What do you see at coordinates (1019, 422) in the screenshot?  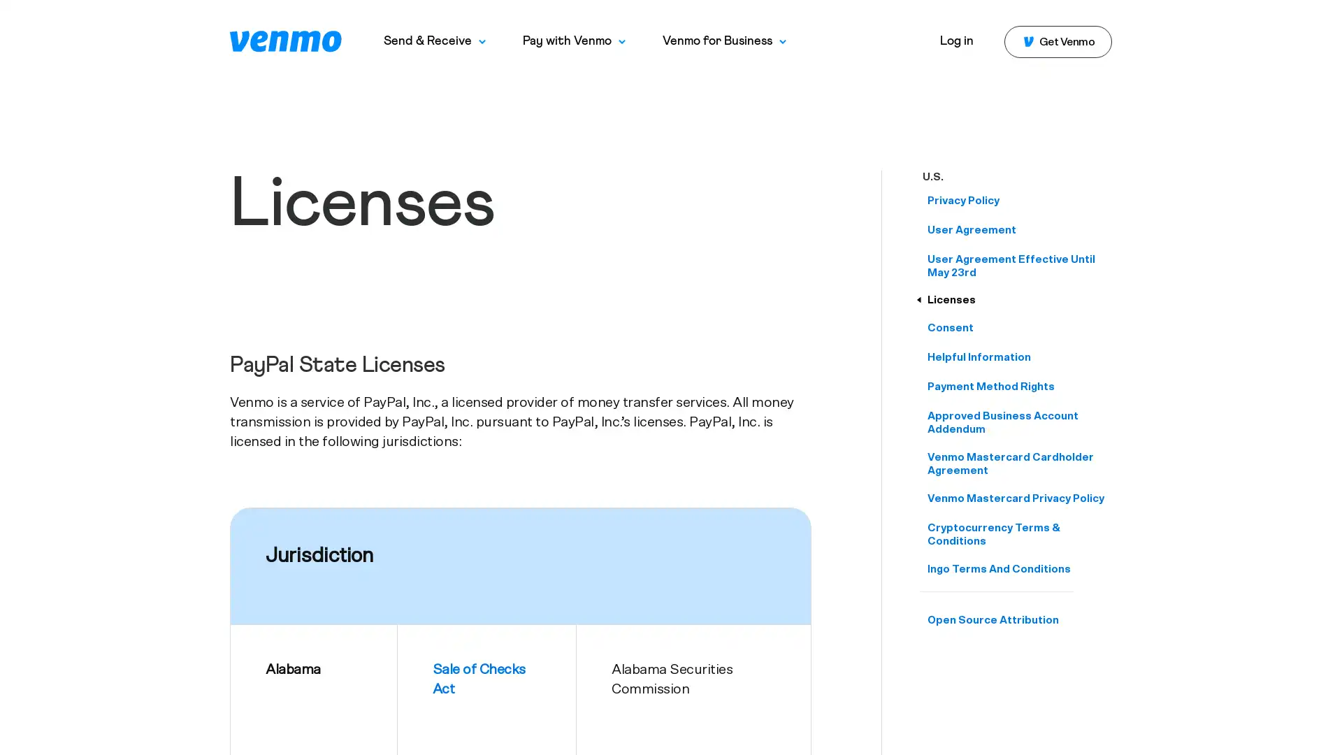 I see `Terms tab name - Approved Business Account Addendum` at bounding box center [1019, 422].